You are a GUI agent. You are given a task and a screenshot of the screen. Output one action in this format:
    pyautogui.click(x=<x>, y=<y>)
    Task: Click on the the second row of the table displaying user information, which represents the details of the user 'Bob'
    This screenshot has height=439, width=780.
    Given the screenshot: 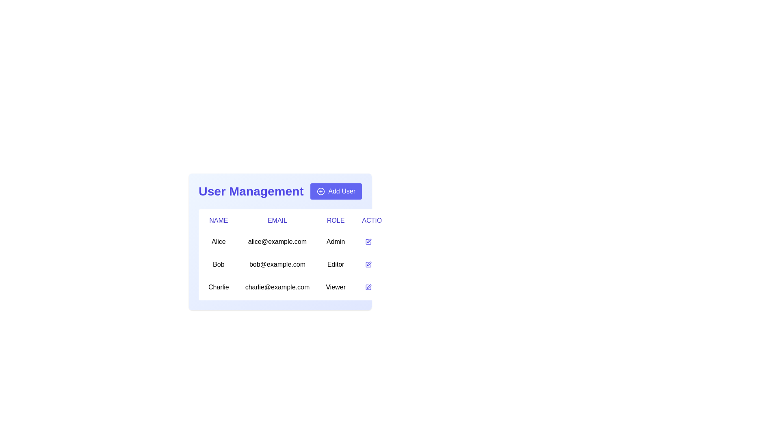 What is the action you would take?
    pyautogui.click(x=280, y=255)
    